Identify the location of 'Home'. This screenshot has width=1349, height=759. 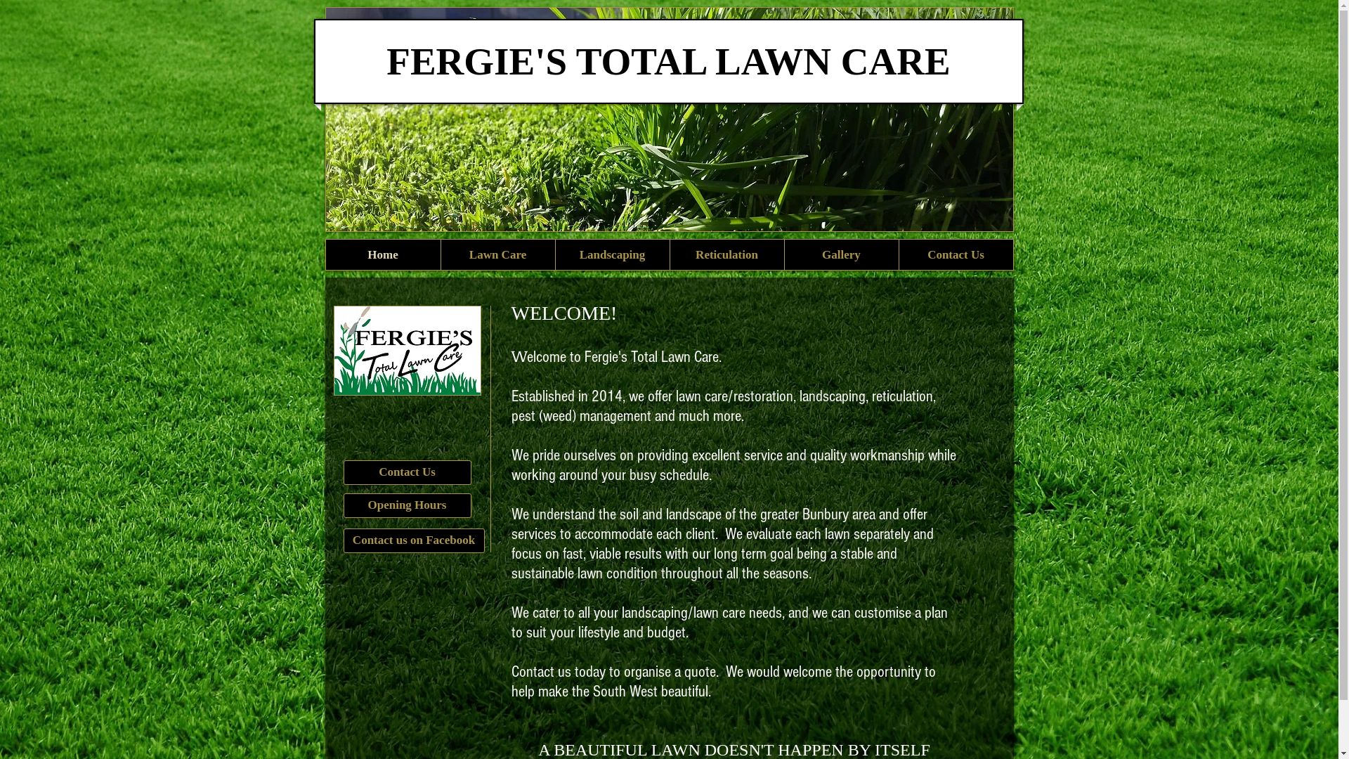
(383, 254).